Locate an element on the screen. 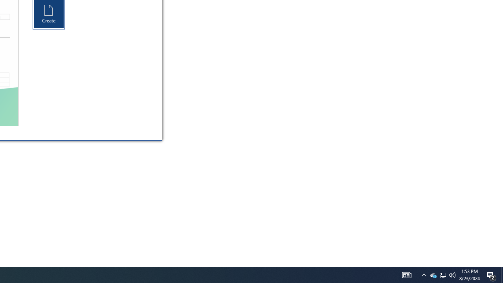 This screenshot has height=283, width=503. 'Q2790: 100%' is located at coordinates (433, 274).